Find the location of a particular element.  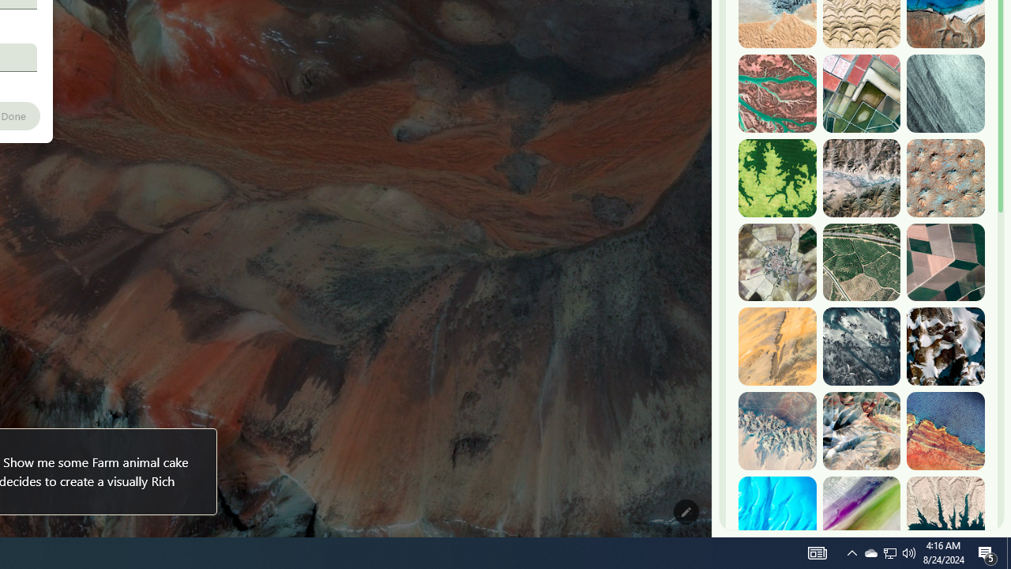

'Rikaze, China' is located at coordinates (860, 178).